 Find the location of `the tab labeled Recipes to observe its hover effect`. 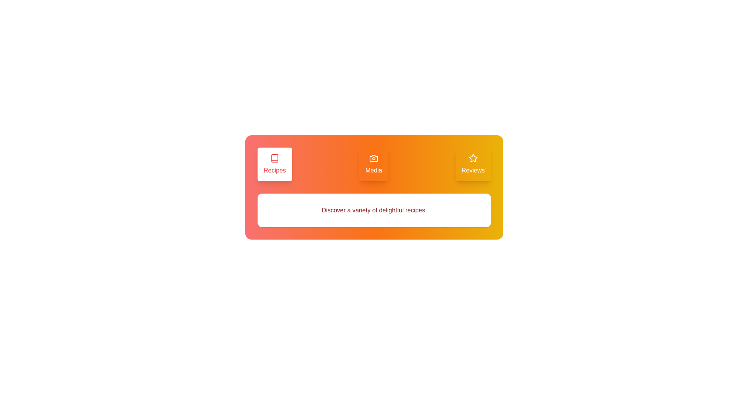

the tab labeled Recipes to observe its hover effect is located at coordinates (274, 164).